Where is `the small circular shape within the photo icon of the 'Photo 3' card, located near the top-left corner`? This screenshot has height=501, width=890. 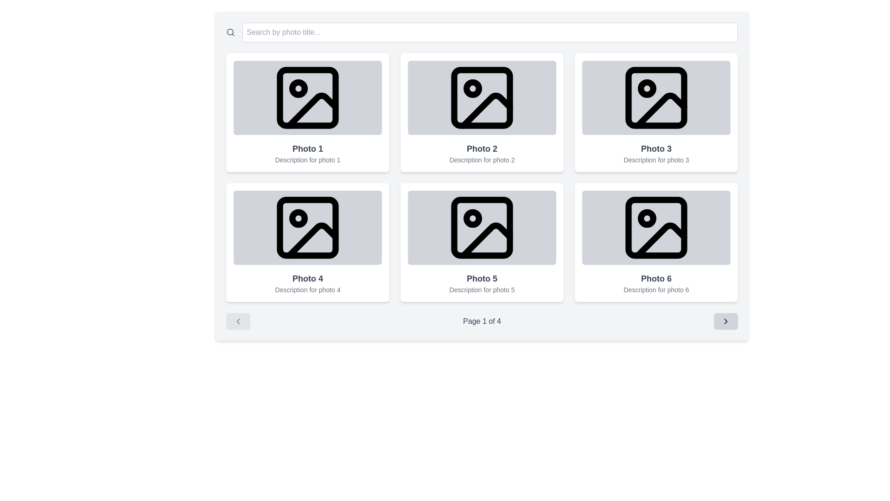
the small circular shape within the photo icon of the 'Photo 3' card, located near the top-left corner is located at coordinates (647, 89).